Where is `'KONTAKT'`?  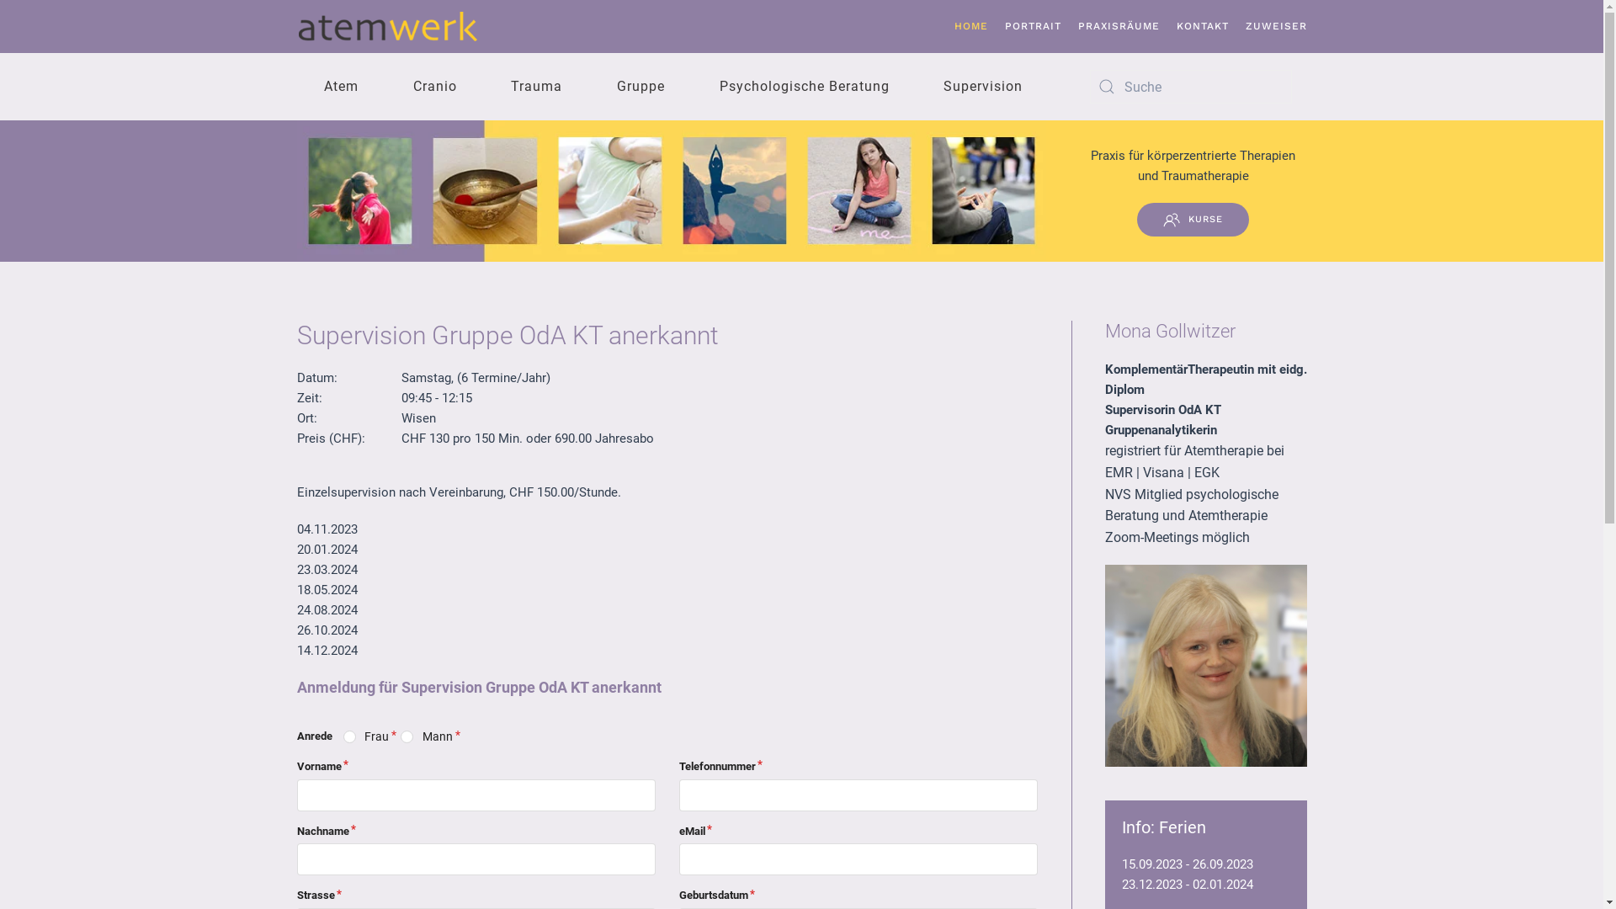 'KONTAKT' is located at coordinates (1202, 26).